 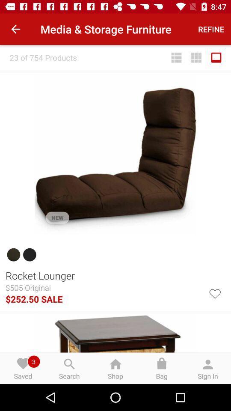 I want to click on the icon to the right of media & storage furniture icon, so click(x=210, y=29).